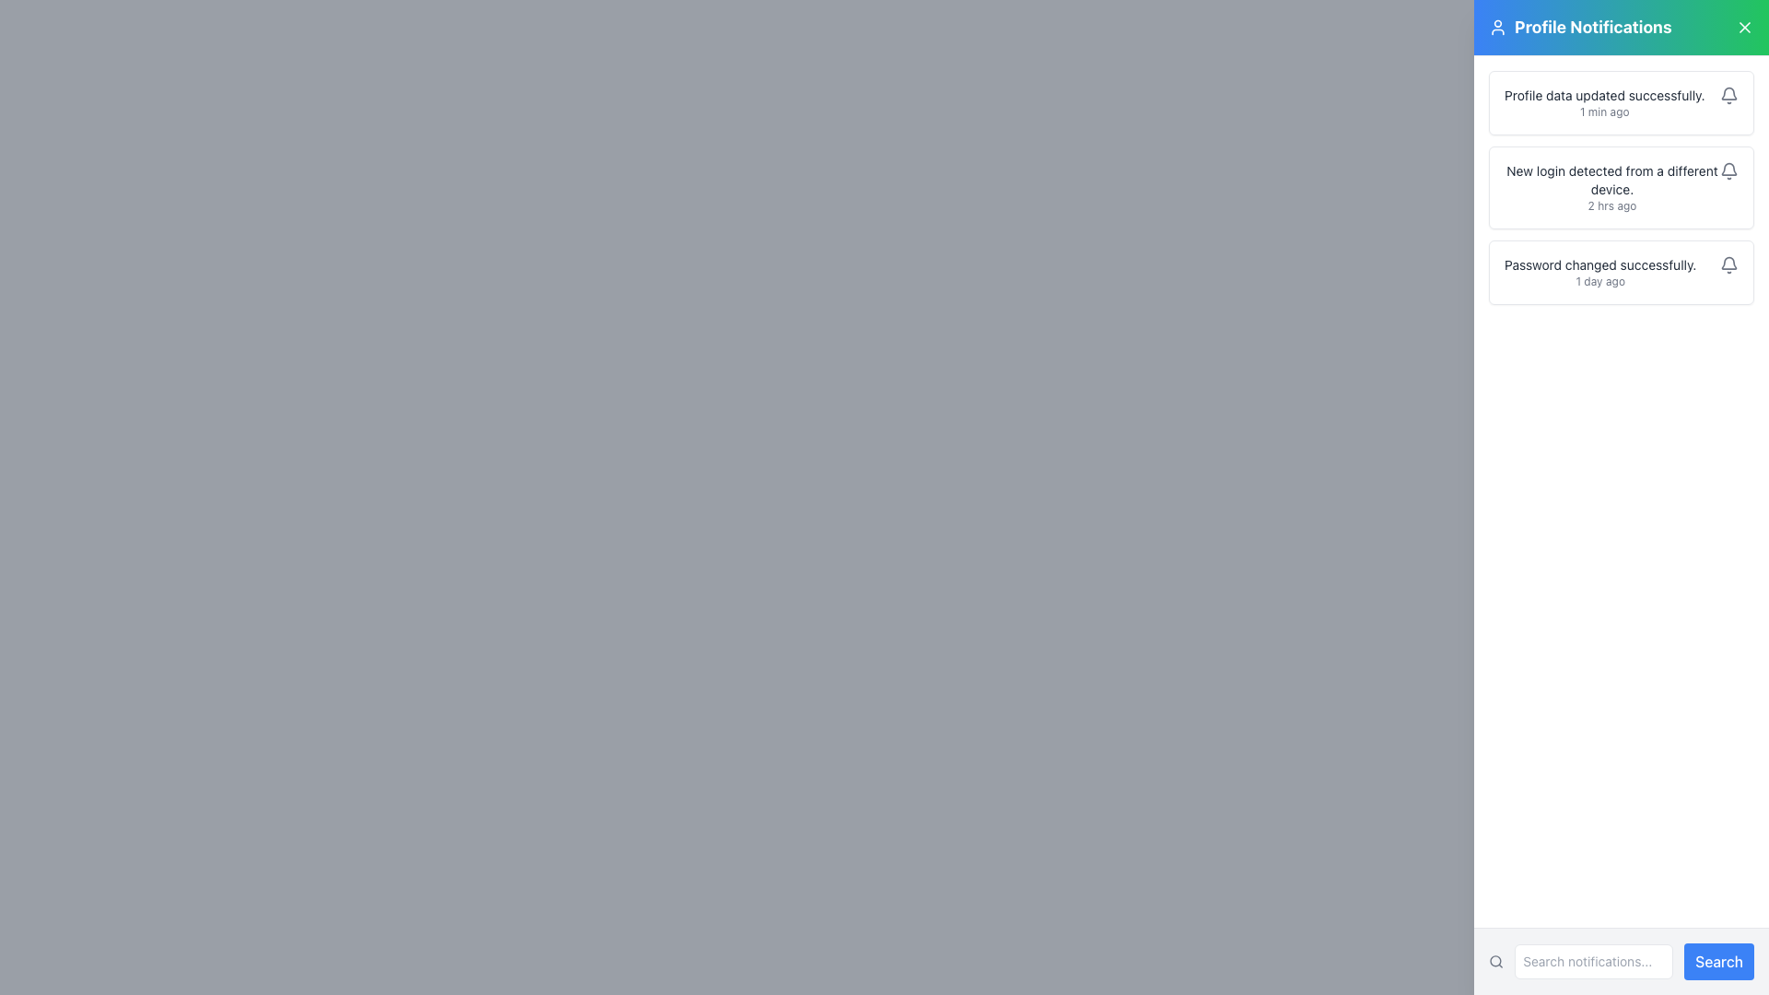  I want to click on the notification message displaying 'Profile data updated successfully.' which is the first item in the notification panel, so click(1603, 102).